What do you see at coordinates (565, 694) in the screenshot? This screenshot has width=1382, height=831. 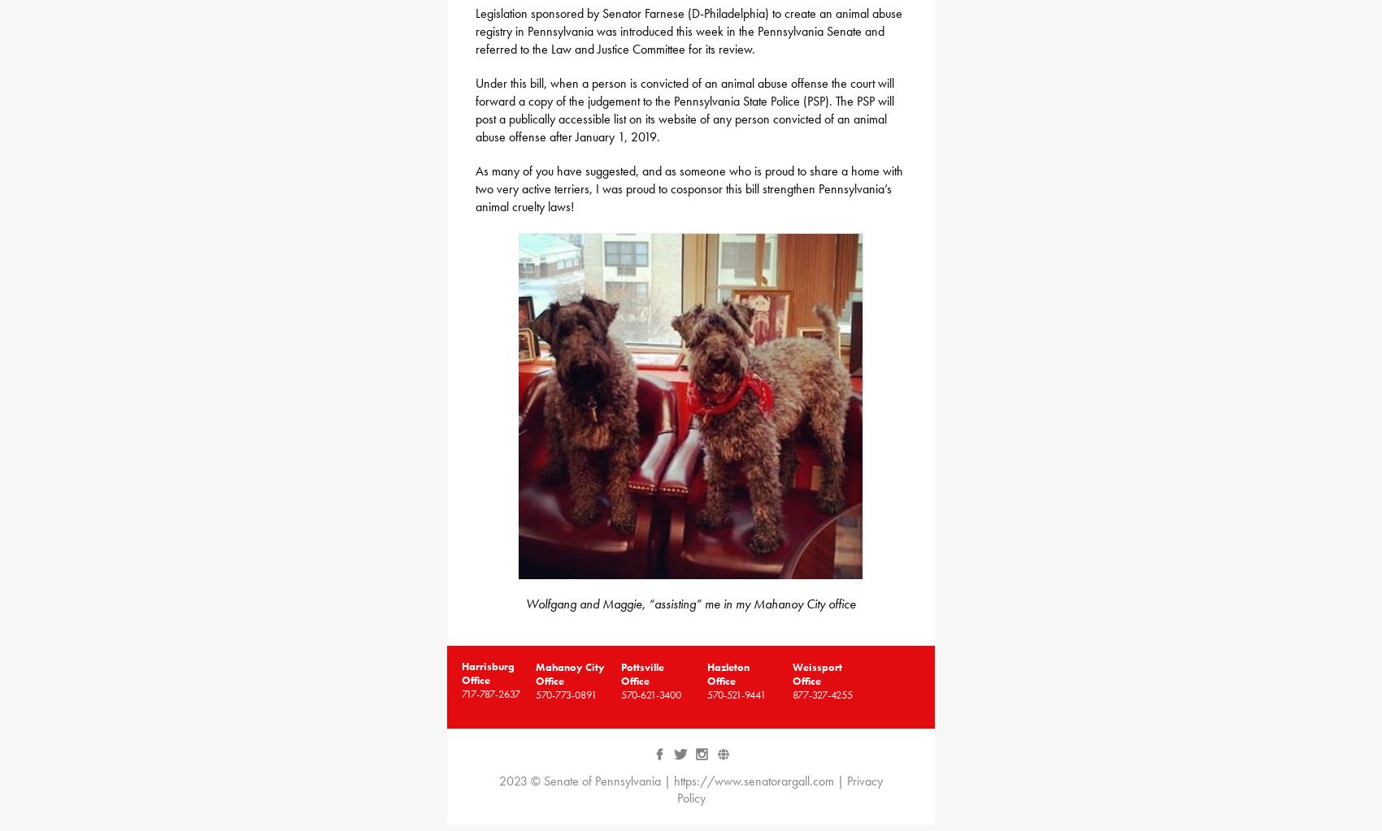 I see `'570-773-0891'` at bounding box center [565, 694].